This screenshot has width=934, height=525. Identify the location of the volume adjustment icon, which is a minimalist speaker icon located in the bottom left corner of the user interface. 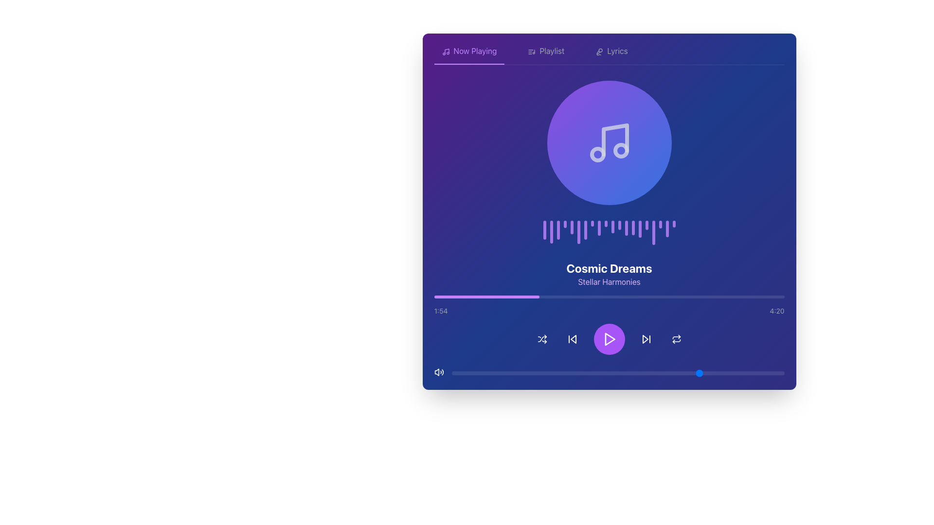
(436, 372).